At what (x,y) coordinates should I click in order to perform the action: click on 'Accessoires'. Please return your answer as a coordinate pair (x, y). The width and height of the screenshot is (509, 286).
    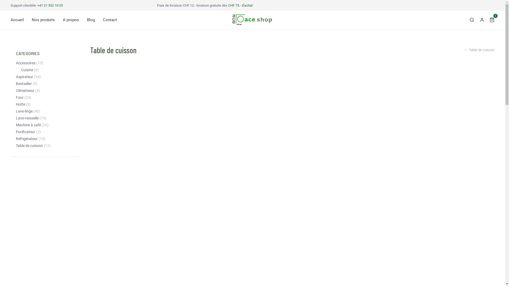
    Looking at the image, I should click on (25, 63).